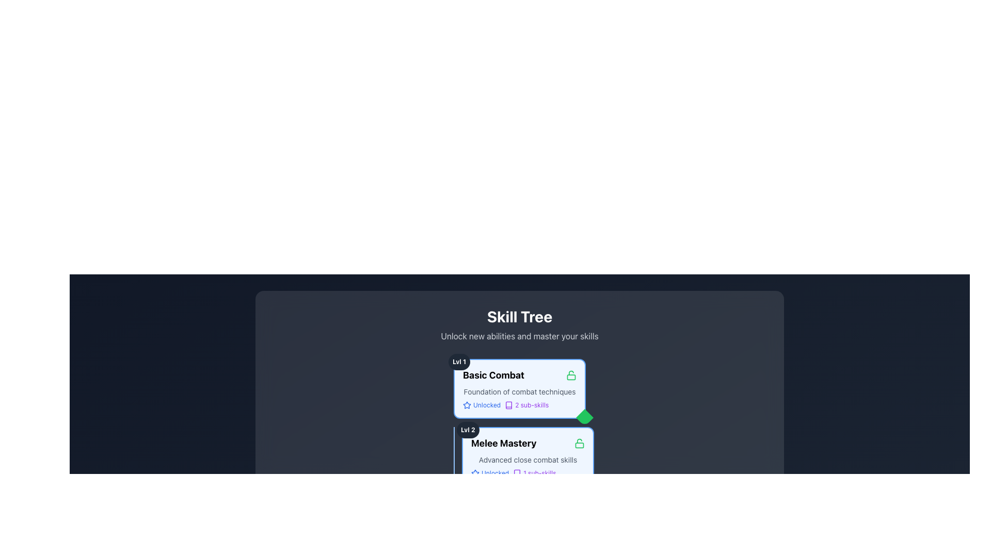 The height and width of the screenshot is (557, 991). Describe the element at coordinates (467, 506) in the screenshot. I see `the 'Lvl 2' badge located in the top-left corner of the 'Melee Mastery' card, which indicates the level of the associated skill or item` at that location.